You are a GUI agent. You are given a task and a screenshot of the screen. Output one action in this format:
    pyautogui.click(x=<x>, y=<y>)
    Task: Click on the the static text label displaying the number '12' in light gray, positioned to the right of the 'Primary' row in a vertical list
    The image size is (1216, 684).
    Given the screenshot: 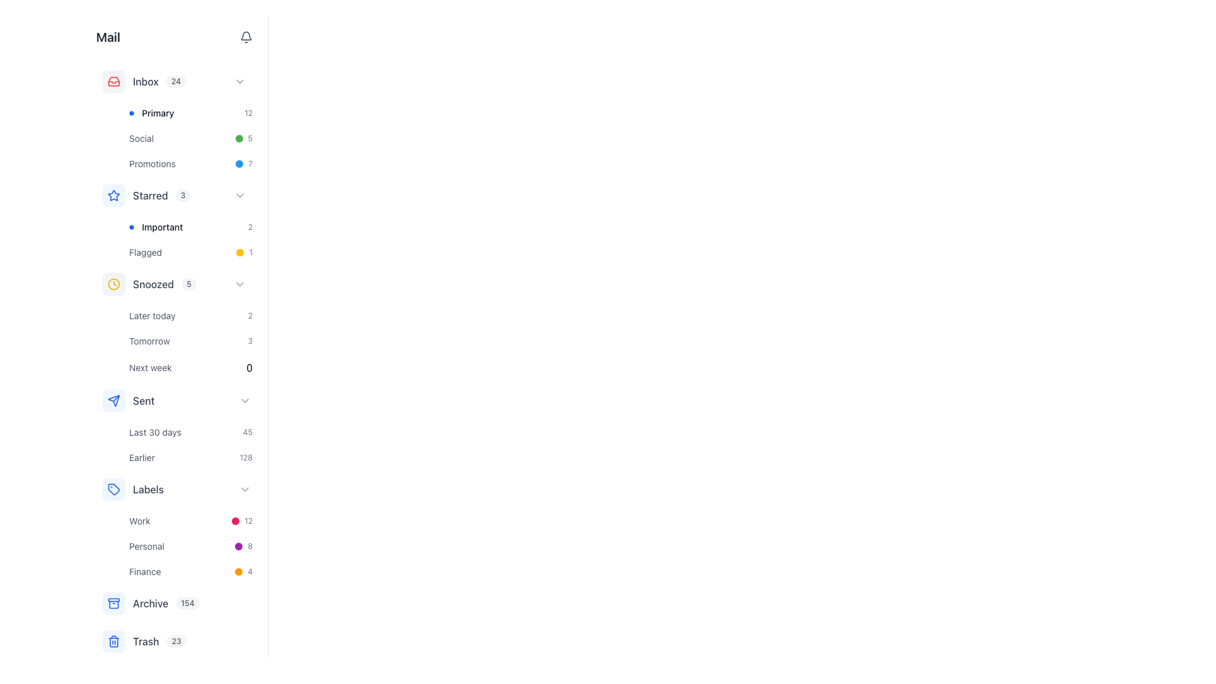 What is the action you would take?
    pyautogui.click(x=248, y=112)
    